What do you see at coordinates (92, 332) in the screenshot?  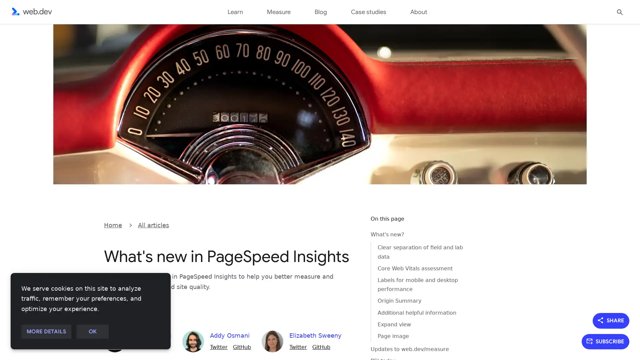 I see `OK` at bounding box center [92, 332].